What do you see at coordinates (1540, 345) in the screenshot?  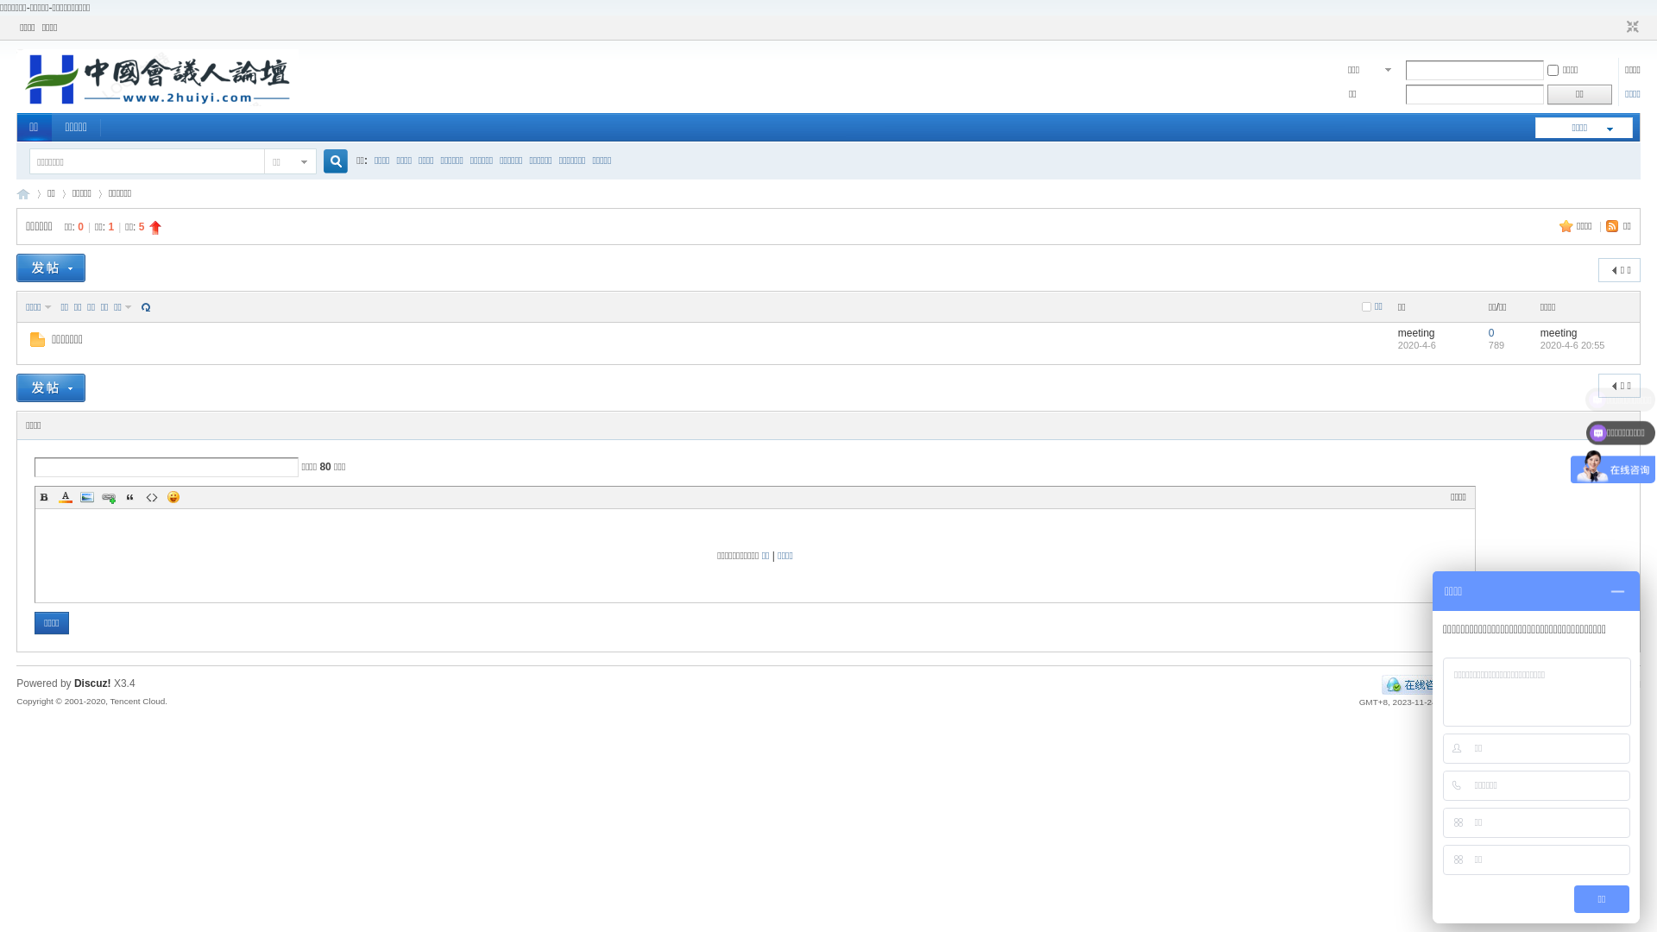 I see `'2020-4-6 20:55'` at bounding box center [1540, 345].